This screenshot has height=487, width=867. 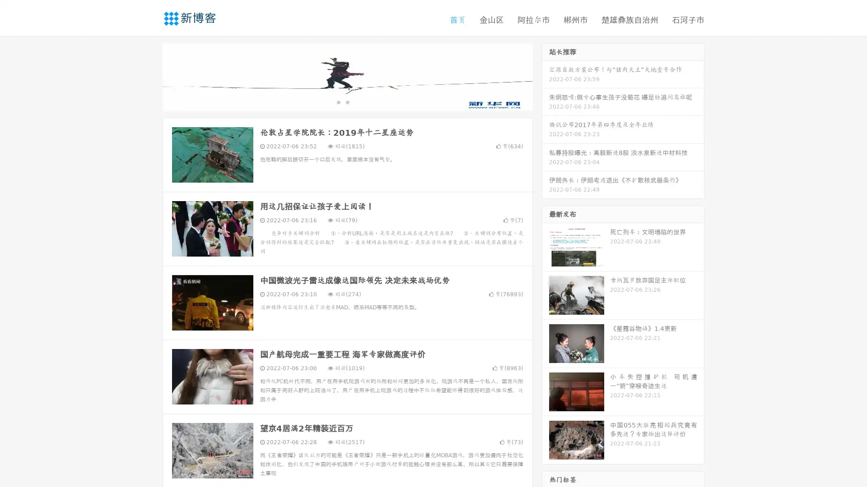 I want to click on Previous slide, so click(x=149, y=76).